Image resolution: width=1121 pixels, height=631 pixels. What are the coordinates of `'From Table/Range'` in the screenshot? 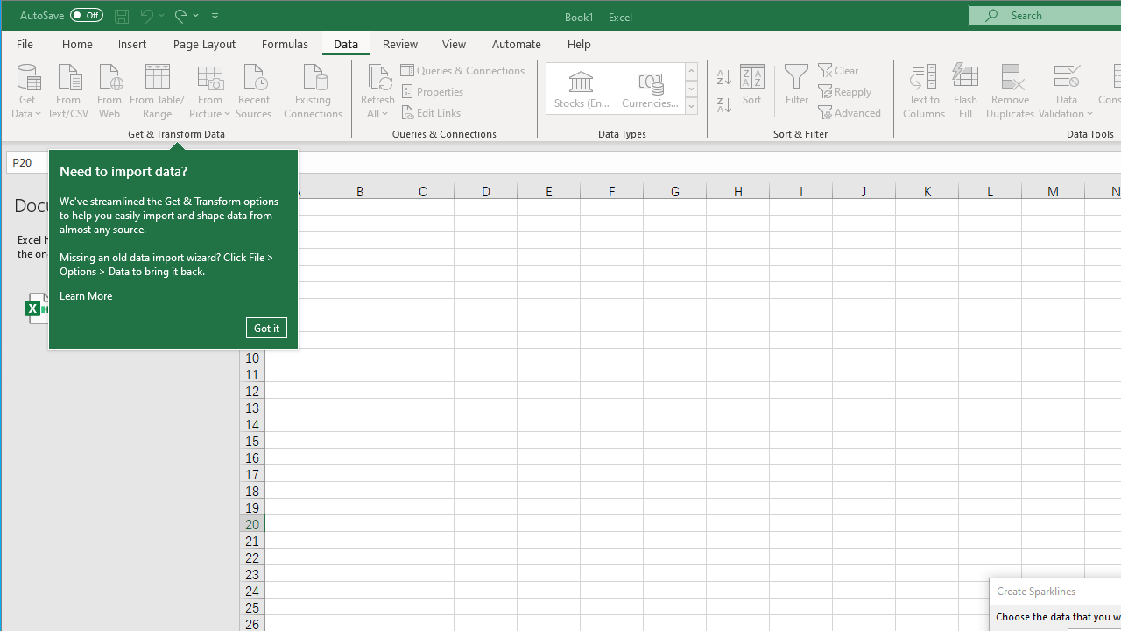 It's located at (157, 89).